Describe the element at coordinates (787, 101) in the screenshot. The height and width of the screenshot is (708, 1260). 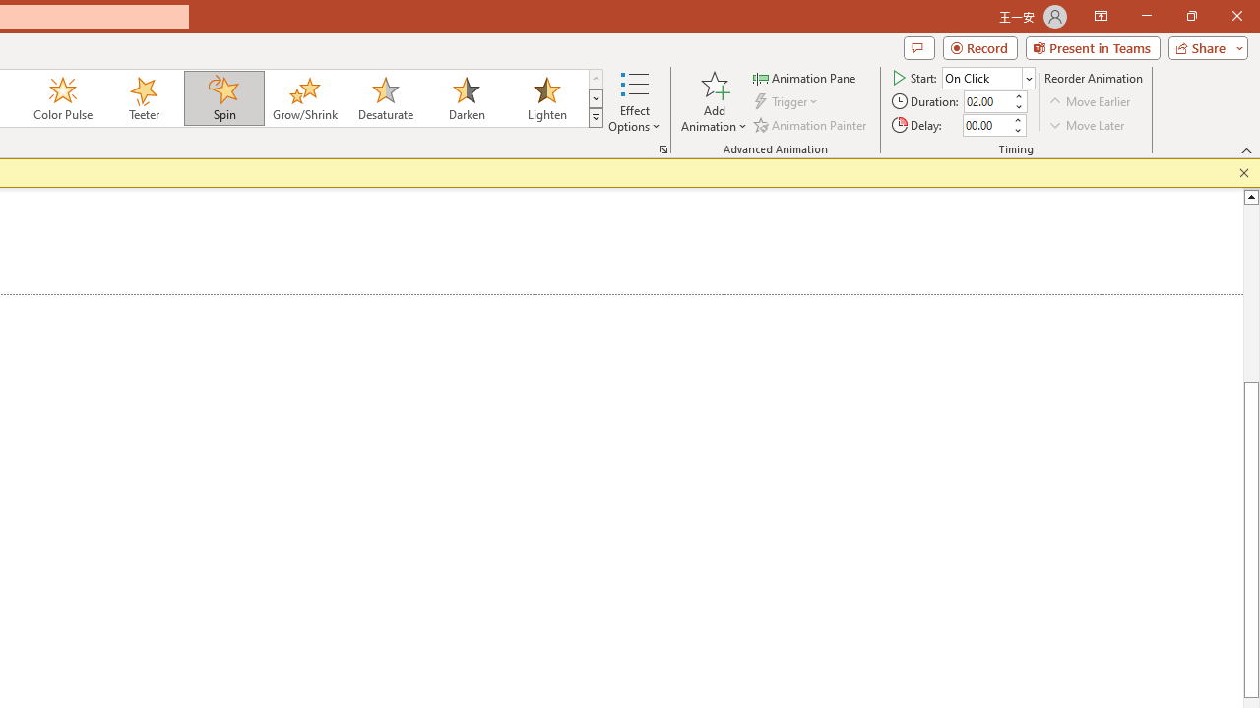
I see `'Trigger'` at that location.